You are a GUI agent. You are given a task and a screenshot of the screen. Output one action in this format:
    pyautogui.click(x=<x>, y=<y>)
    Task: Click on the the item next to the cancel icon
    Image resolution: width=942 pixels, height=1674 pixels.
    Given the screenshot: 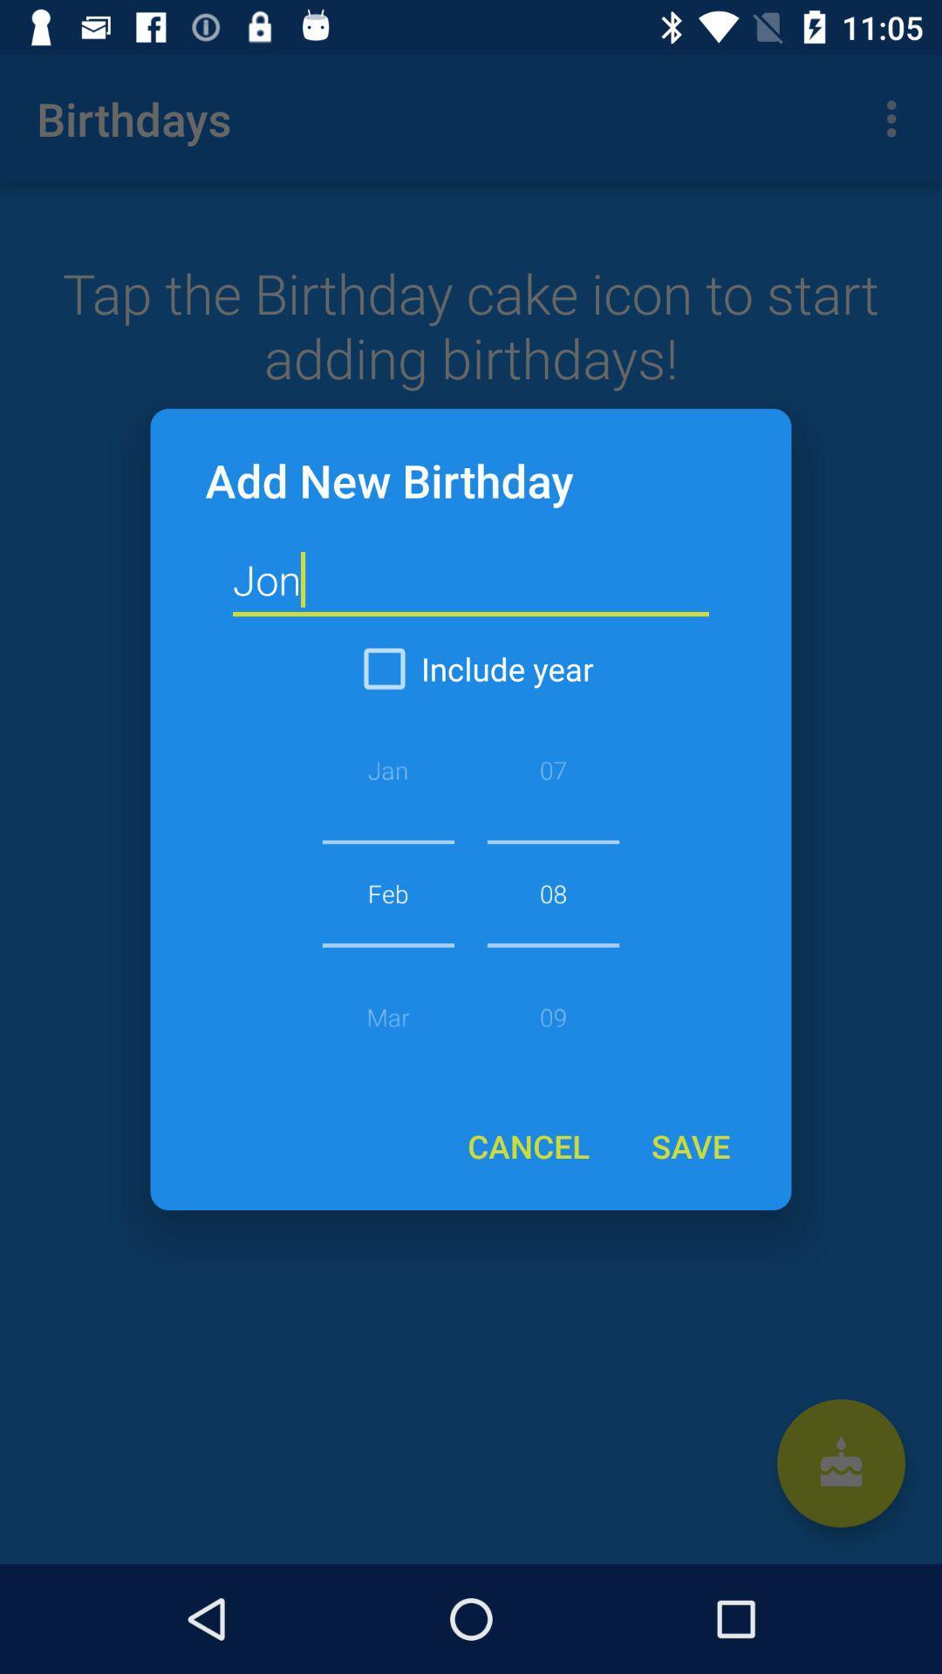 What is the action you would take?
    pyautogui.click(x=689, y=1146)
    